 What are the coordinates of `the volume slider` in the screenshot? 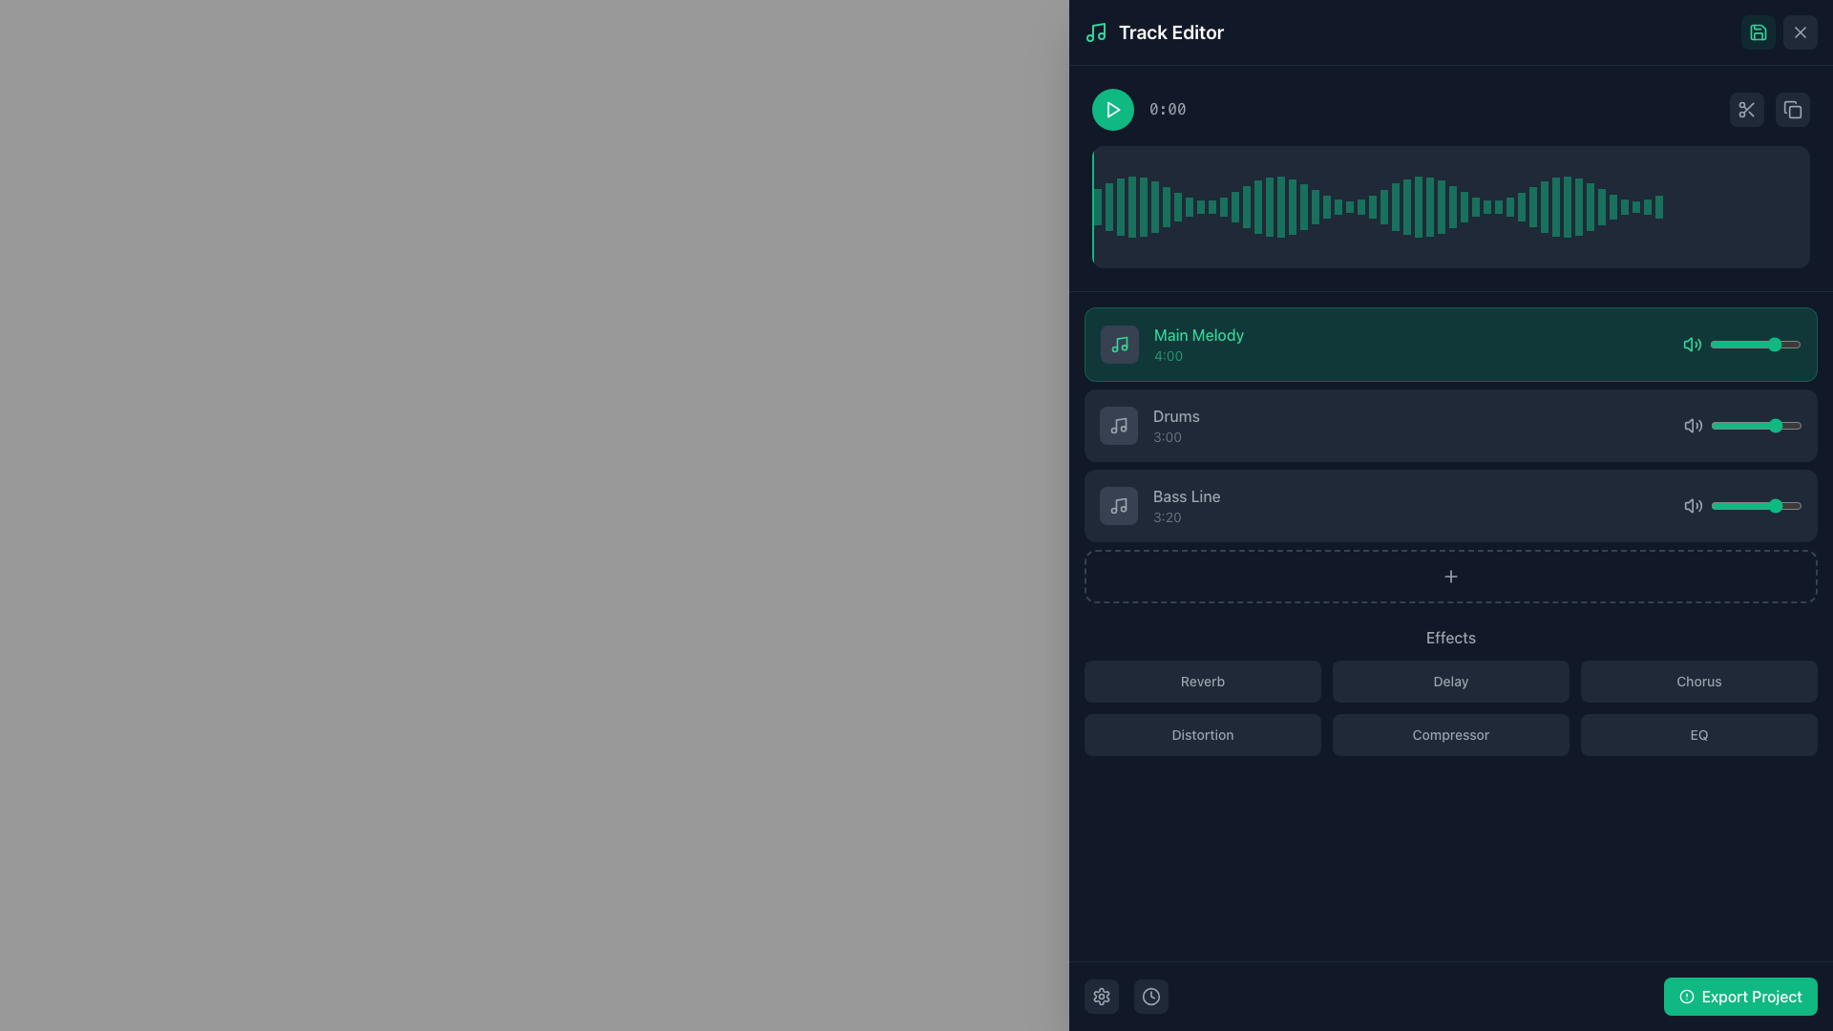 It's located at (1718, 345).